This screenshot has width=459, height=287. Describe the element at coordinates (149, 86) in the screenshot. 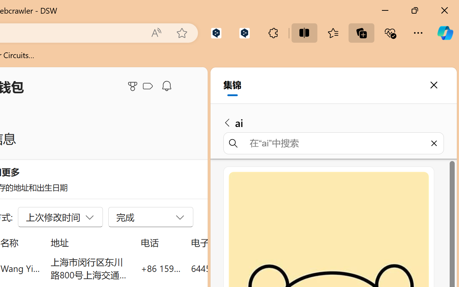

I see `'Microsoft Cashback'` at that location.